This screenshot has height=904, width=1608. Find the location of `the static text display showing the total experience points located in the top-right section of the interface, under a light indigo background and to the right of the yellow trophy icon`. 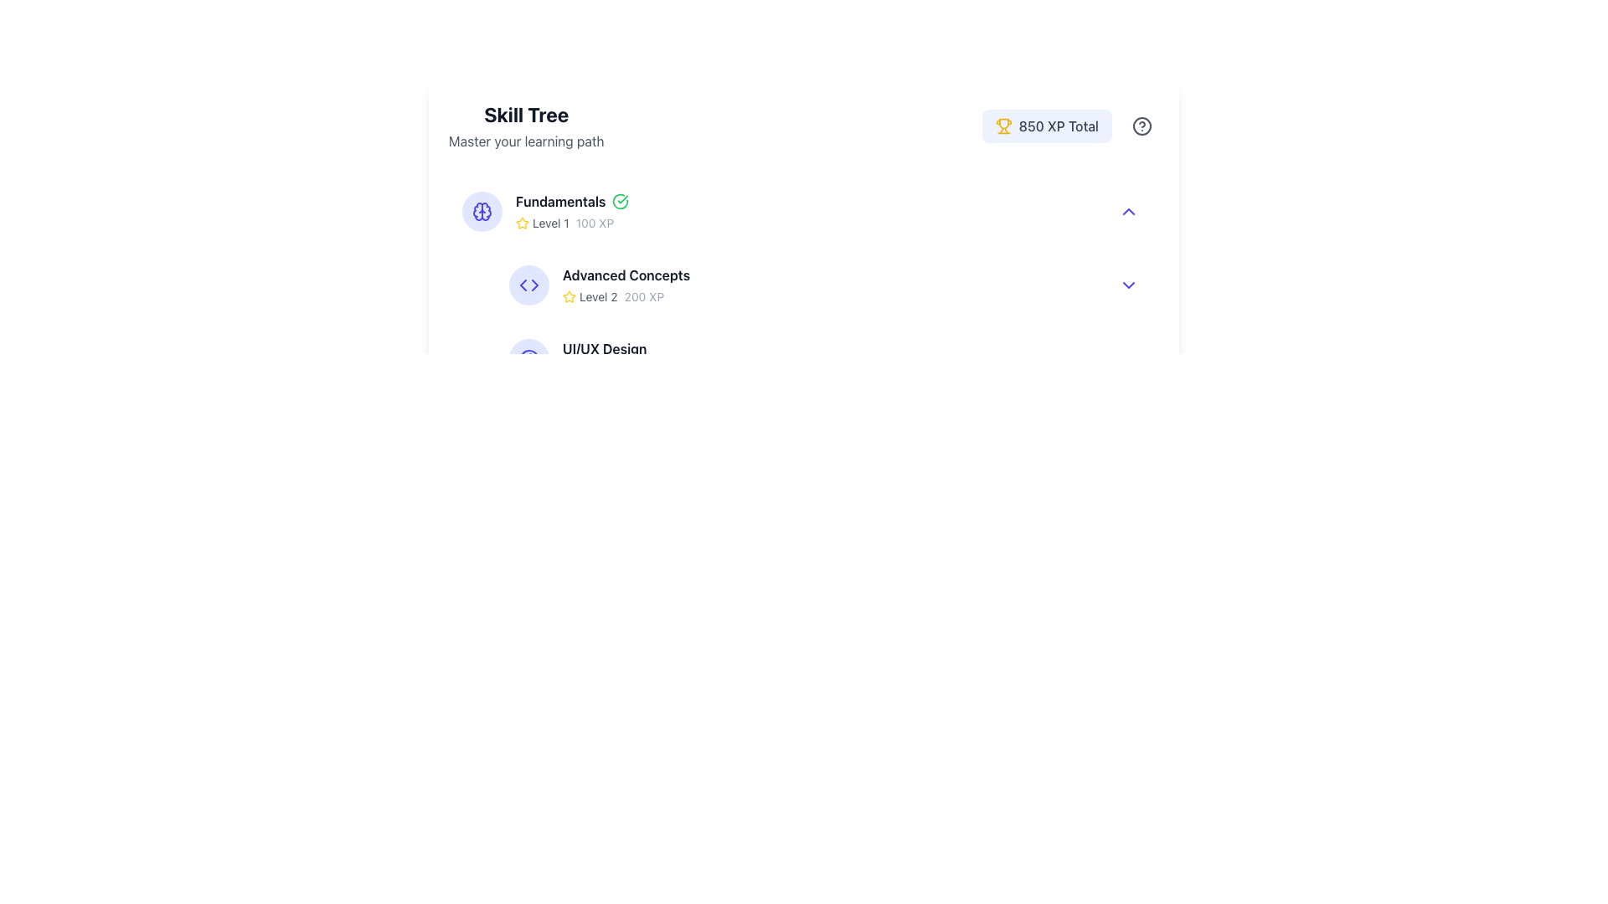

the static text display showing the total experience points located in the top-right section of the interface, under a light indigo background and to the right of the yellow trophy icon is located at coordinates (1058, 125).